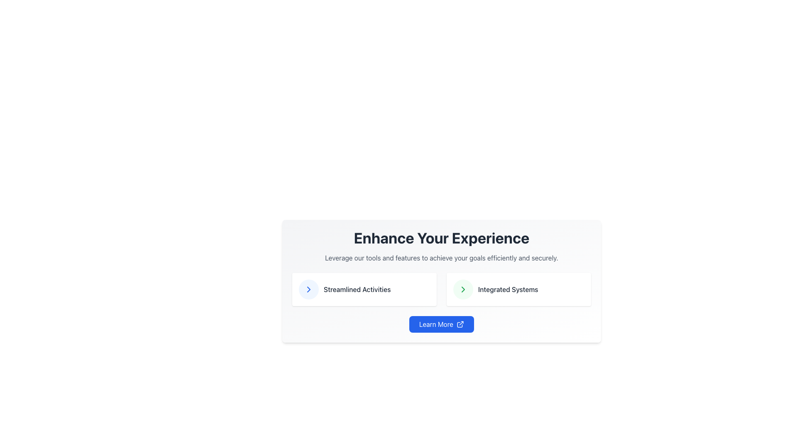  I want to click on the external link icon located to the right of the 'Learn More' button at the bottom center of the 'Enhance Your Experience' section, so click(460, 324).